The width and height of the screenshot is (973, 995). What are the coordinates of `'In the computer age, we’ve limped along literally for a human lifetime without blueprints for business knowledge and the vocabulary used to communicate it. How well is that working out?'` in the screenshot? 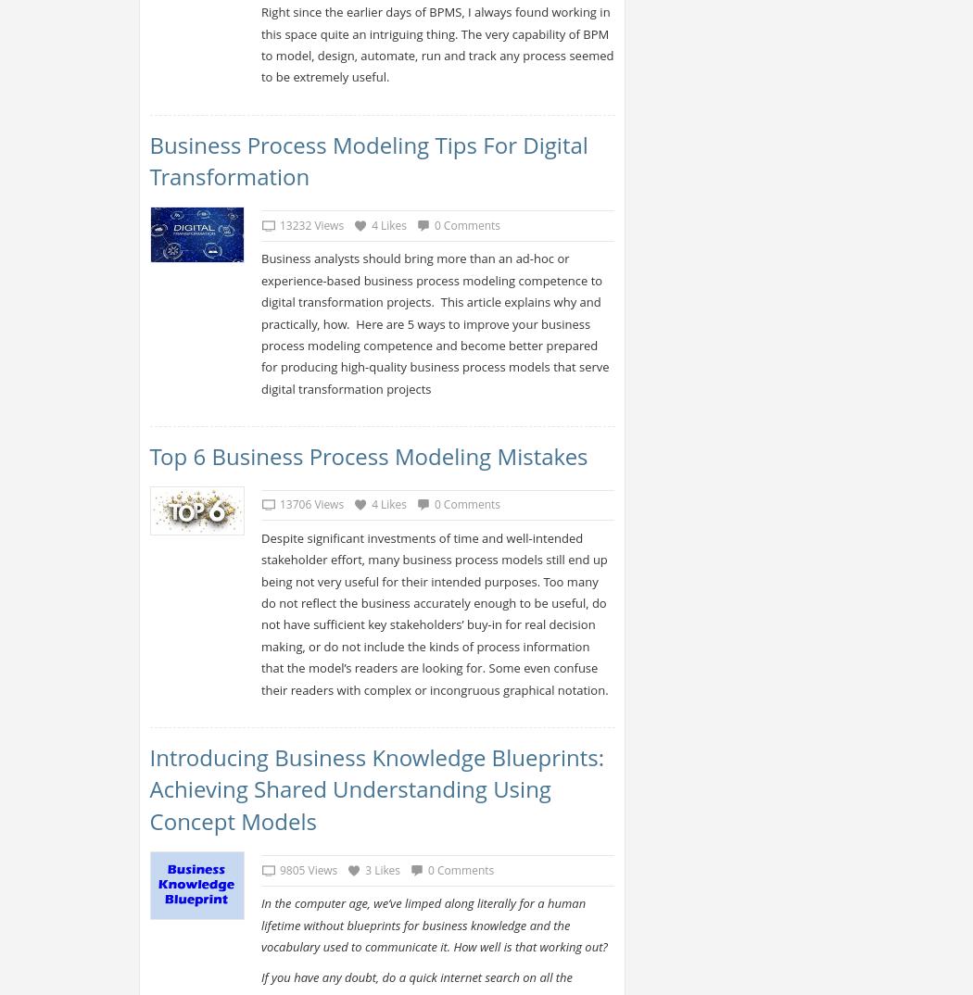 It's located at (433, 924).